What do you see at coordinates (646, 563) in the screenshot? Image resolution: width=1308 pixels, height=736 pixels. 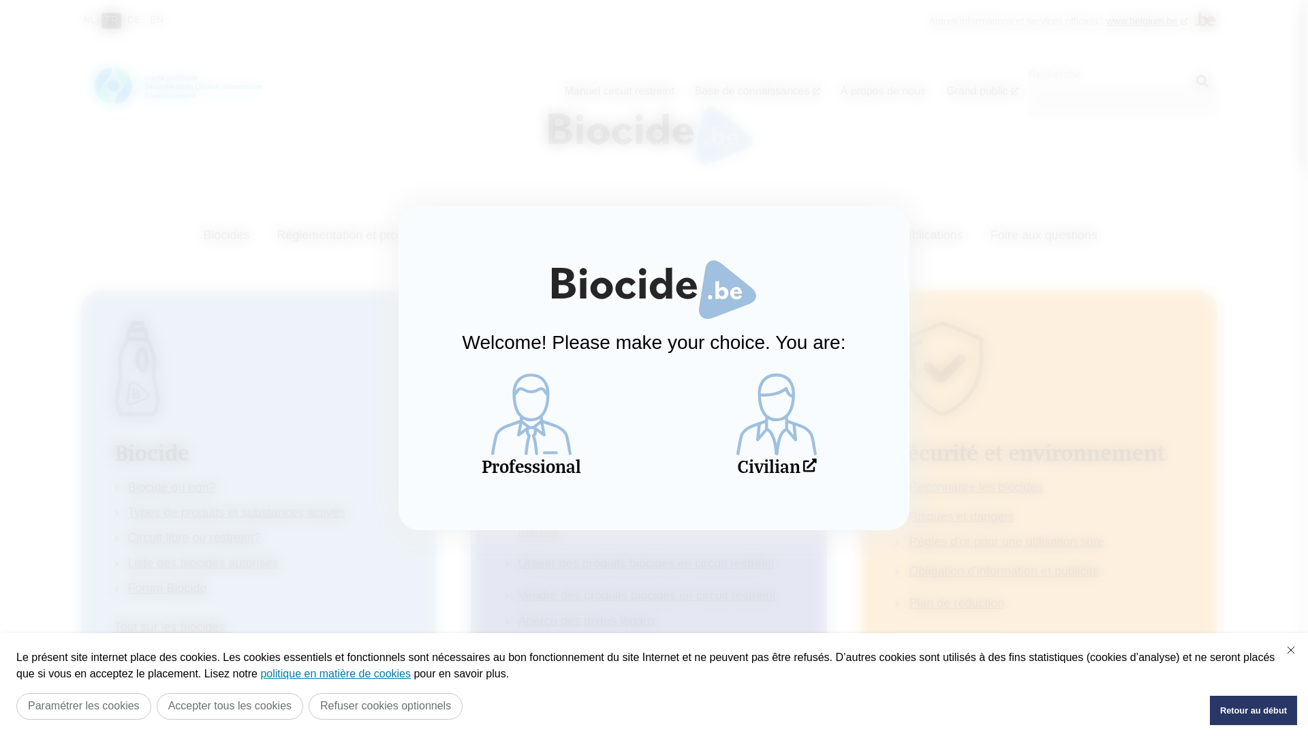 I see `'Utiliser des produits biocides en circuit restreint'` at bounding box center [646, 563].